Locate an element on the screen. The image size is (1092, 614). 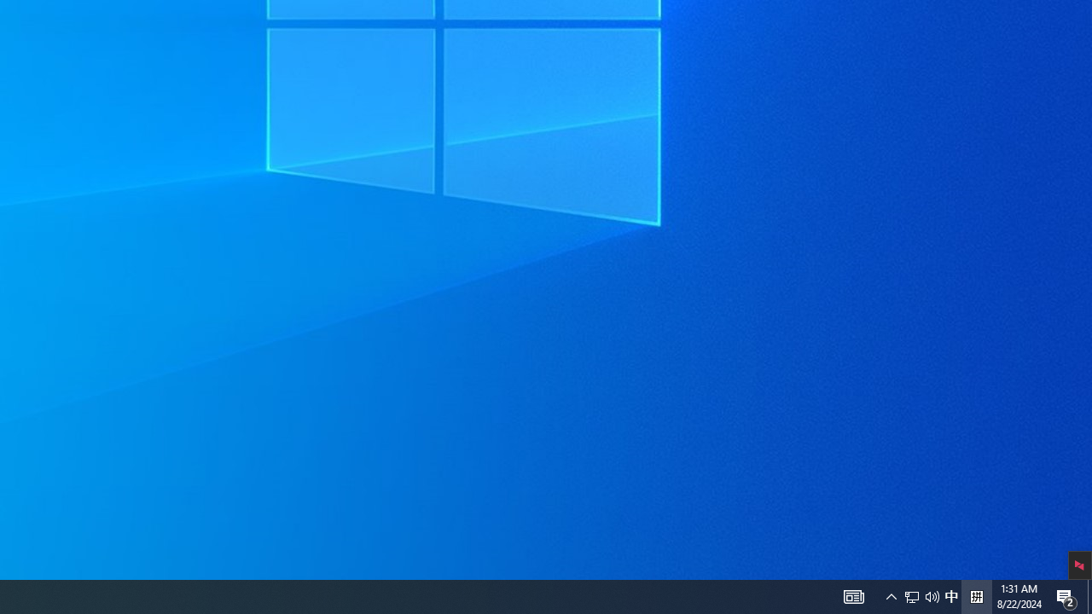
'Q2790: 100%' is located at coordinates (932, 595).